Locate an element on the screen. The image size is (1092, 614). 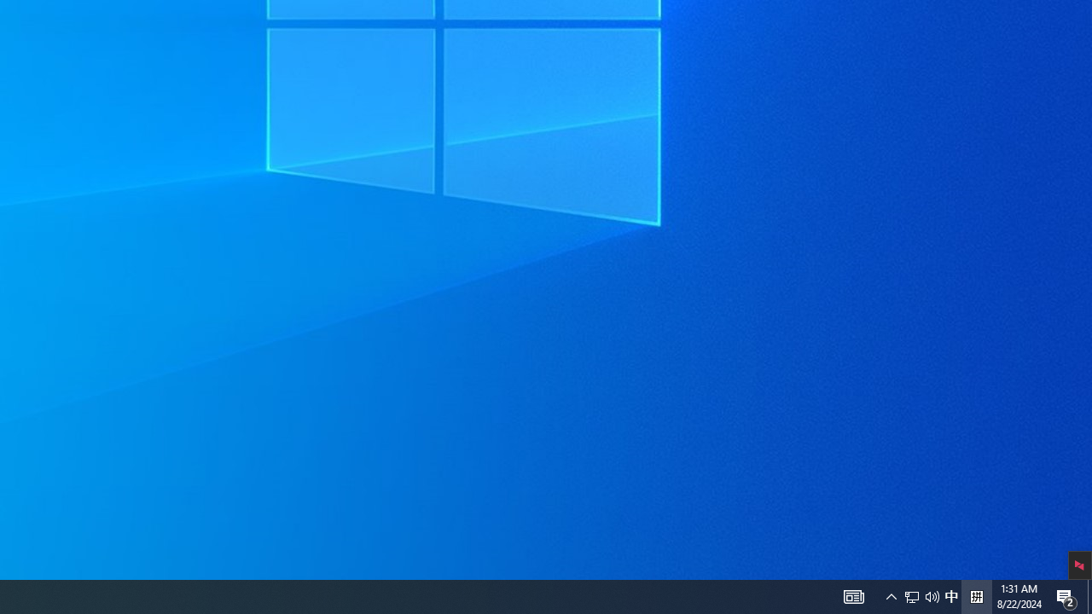
'Q2790: 100%' is located at coordinates (932, 595).